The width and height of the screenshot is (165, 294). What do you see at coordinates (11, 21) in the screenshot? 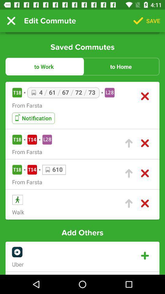
I see `item next to the edit commute icon` at bounding box center [11, 21].